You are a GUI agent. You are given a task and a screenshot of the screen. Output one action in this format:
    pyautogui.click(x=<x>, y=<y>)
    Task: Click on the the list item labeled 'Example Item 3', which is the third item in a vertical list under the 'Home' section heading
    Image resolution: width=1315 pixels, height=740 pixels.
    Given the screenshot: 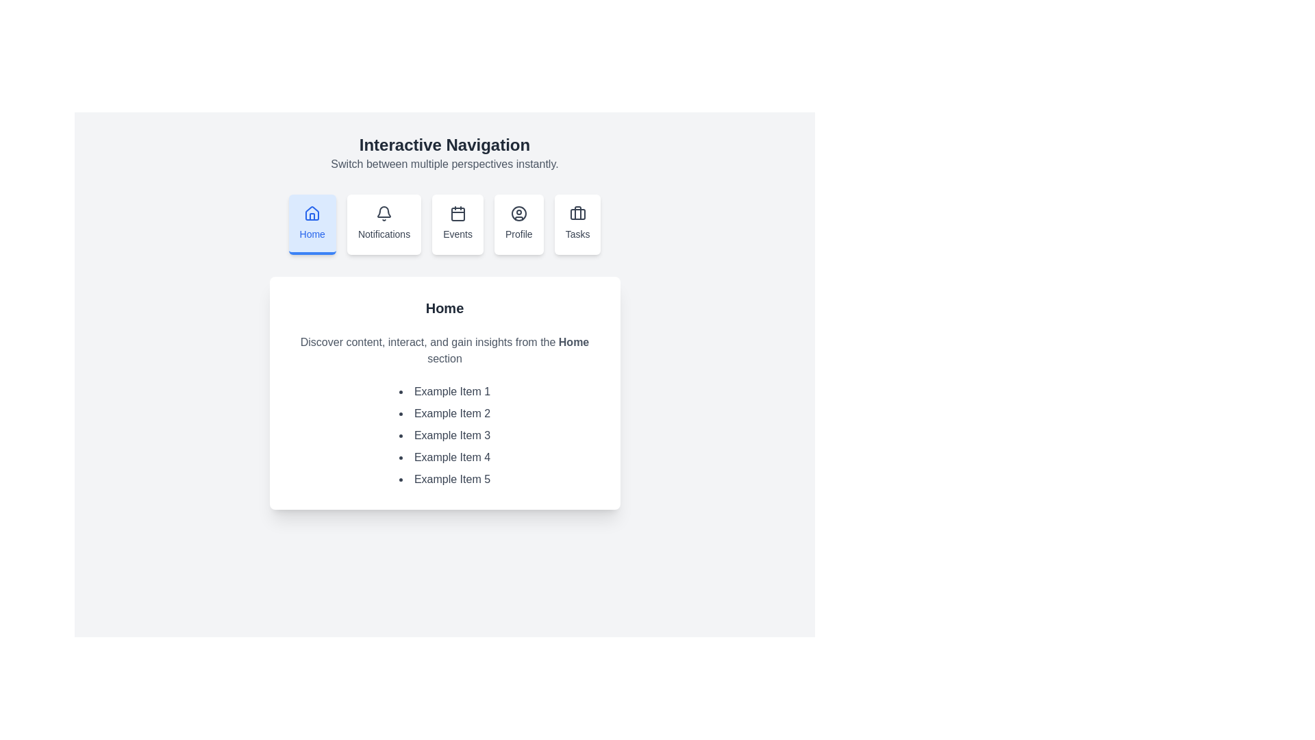 What is the action you would take?
    pyautogui.click(x=444, y=436)
    